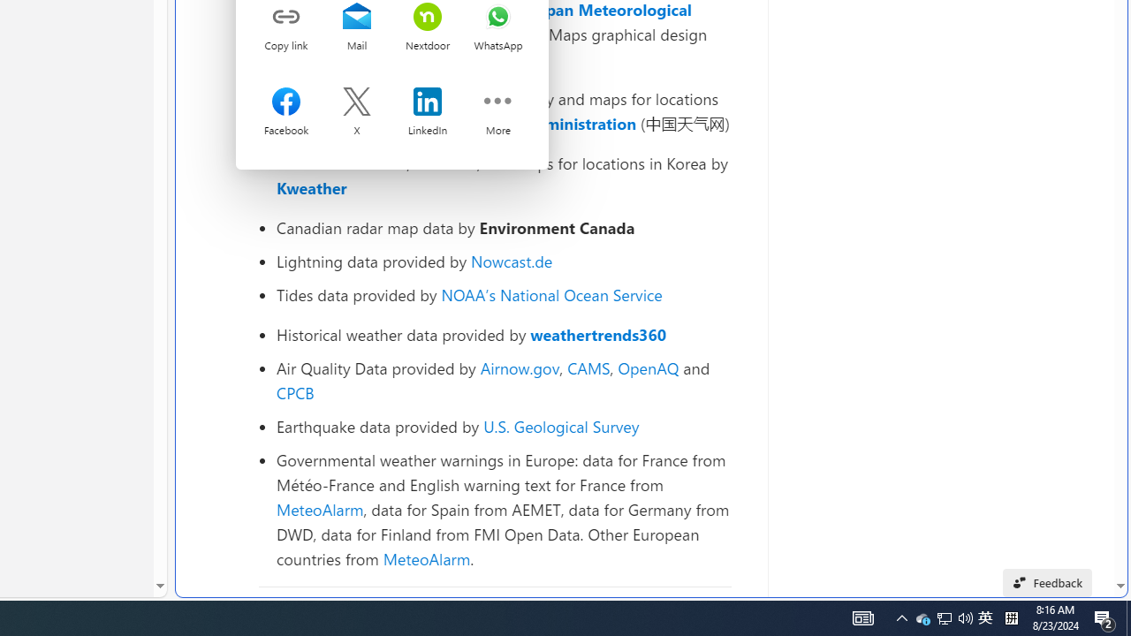  I want to click on 'Kweather', so click(312, 187).